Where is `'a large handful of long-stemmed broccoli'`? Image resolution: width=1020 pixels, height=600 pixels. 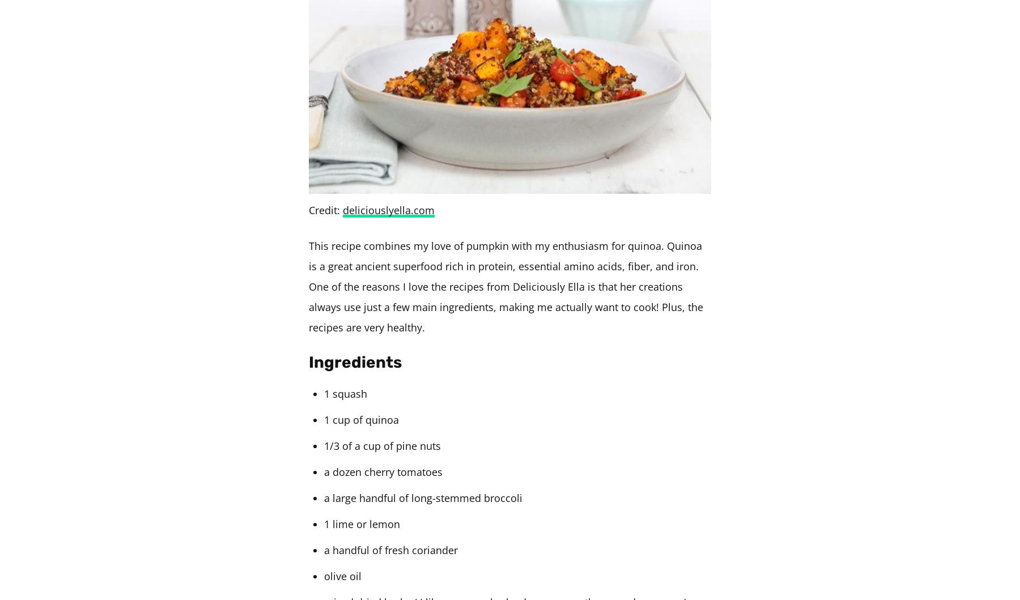
'a large handful of long-stemmed broccoli' is located at coordinates (423, 497).